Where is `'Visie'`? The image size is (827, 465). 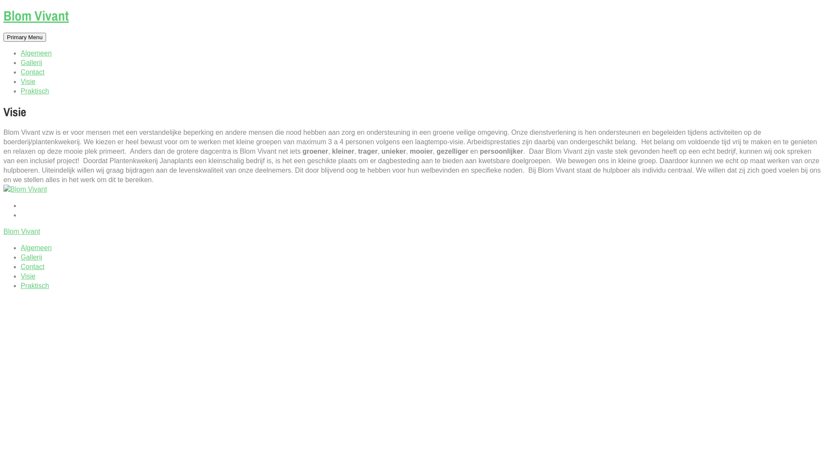 'Visie' is located at coordinates (21, 81).